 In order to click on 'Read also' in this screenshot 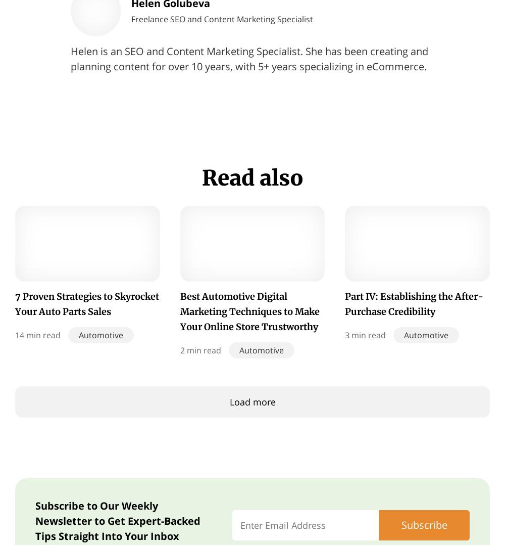, I will do `click(251, 177)`.